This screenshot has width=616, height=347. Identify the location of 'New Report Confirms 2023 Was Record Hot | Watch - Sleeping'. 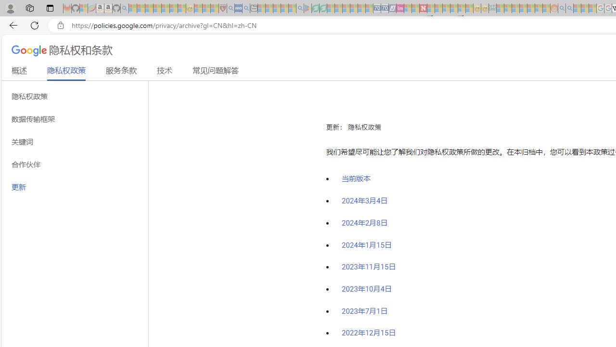
(165, 8).